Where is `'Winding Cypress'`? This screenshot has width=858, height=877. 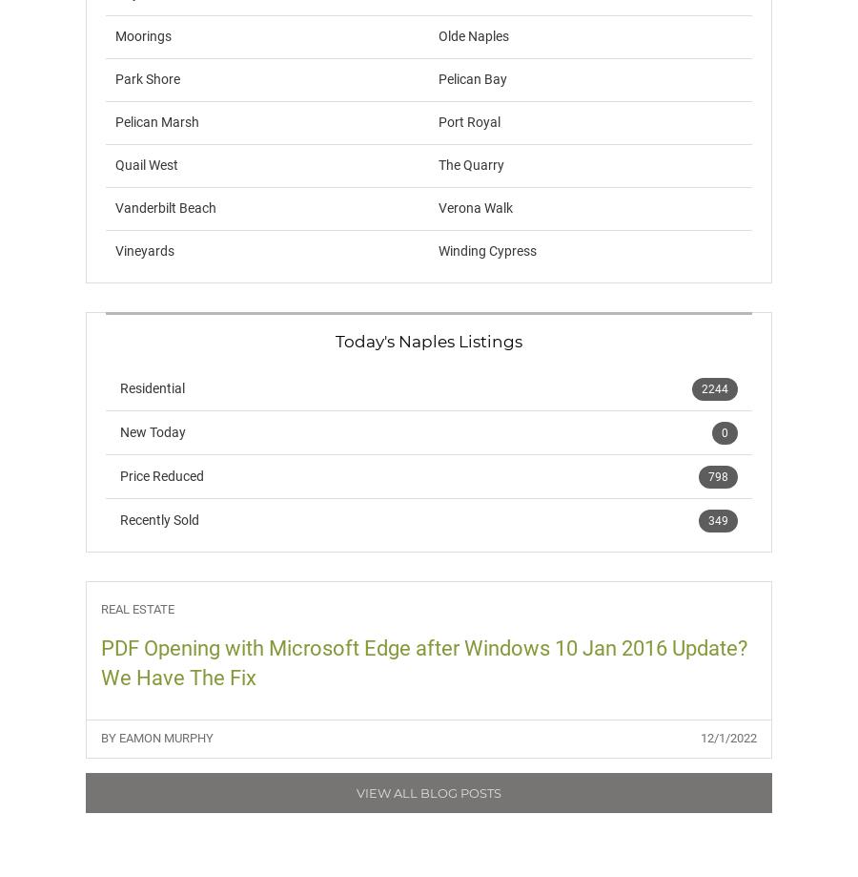 'Winding Cypress' is located at coordinates (486, 251).